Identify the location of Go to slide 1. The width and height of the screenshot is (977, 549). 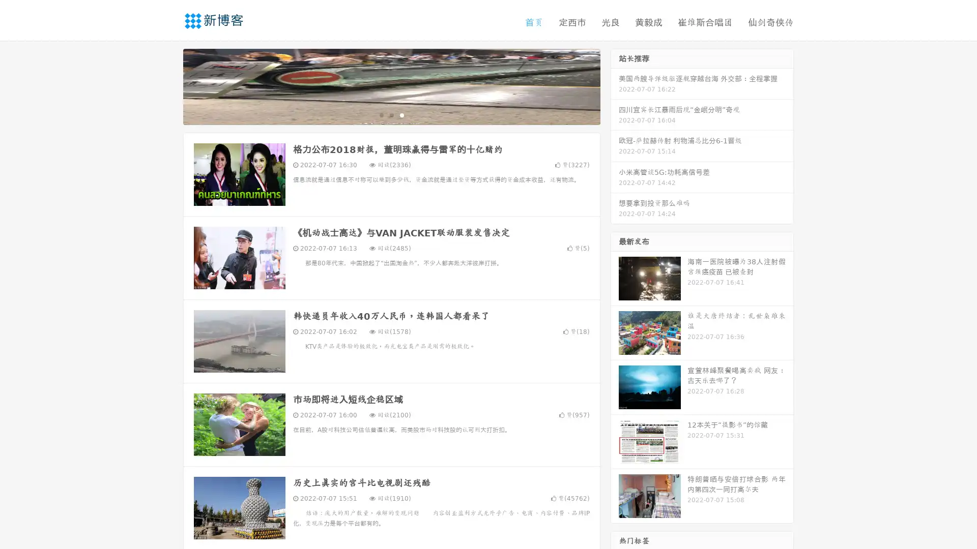
(381, 114).